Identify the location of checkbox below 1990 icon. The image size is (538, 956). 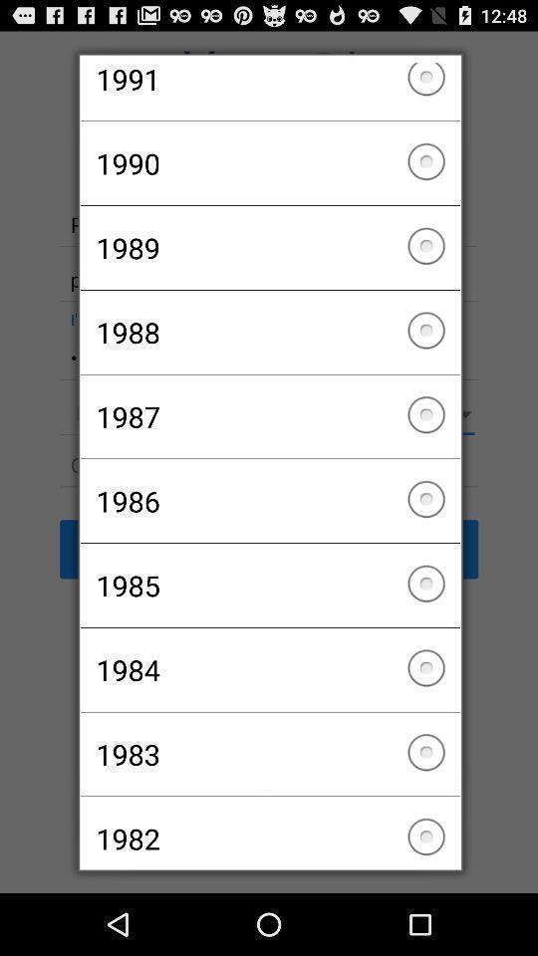
(269, 247).